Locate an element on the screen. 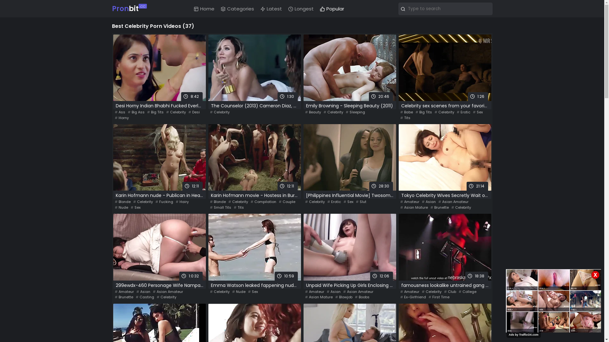  'Nude' is located at coordinates (239, 292).